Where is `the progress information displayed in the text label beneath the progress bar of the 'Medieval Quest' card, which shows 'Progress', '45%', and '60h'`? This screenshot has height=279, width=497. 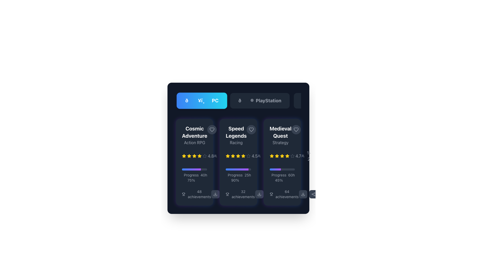
the progress information displayed in the text label beneath the progress bar of the 'Medieval Quest' card, which shows 'Progress', '45%', and '60h' is located at coordinates (282, 175).